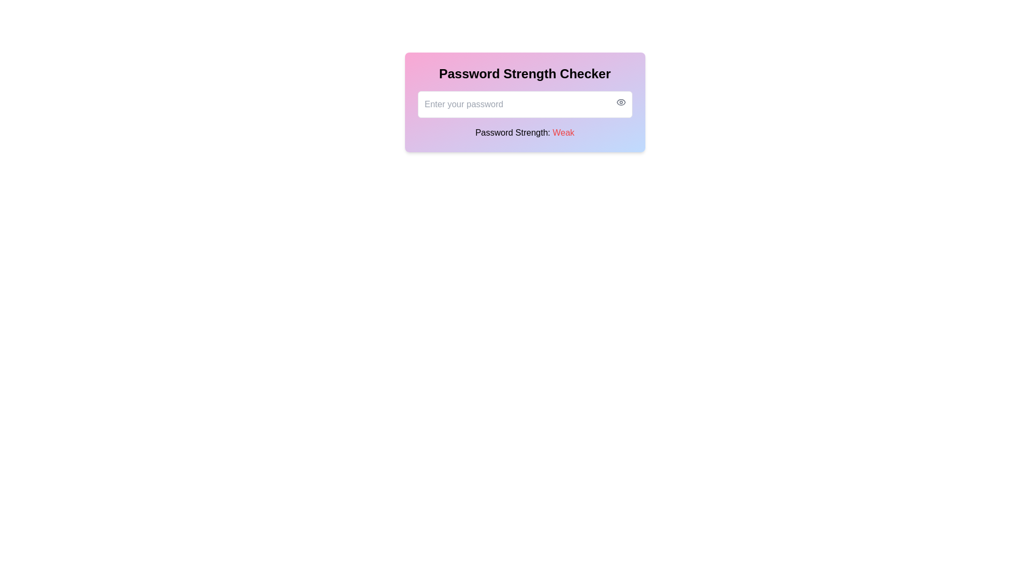 Image resolution: width=1030 pixels, height=579 pixels. Describe the element at coordinates (563, 132) in the screenshot. I see `the TextLabel that indicates the current strength of the entered password, which is located next to 'Password Strength:' in the 'Password Strength Checker' box` at that location.